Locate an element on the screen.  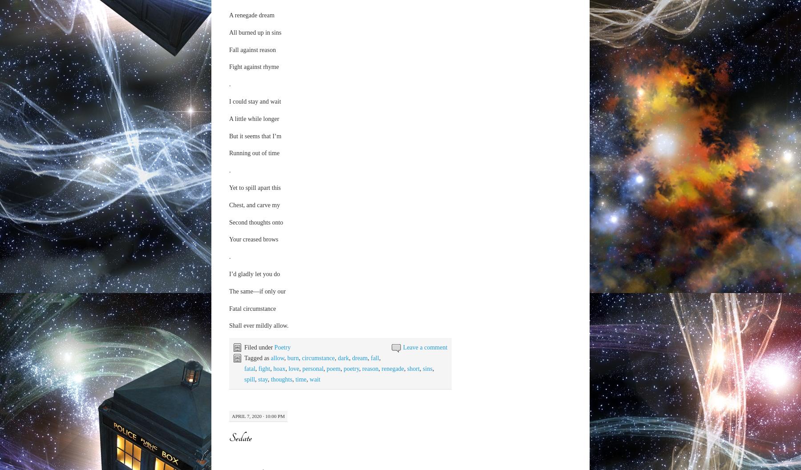
'Leave a comment' is located at coordinates (425, 346).